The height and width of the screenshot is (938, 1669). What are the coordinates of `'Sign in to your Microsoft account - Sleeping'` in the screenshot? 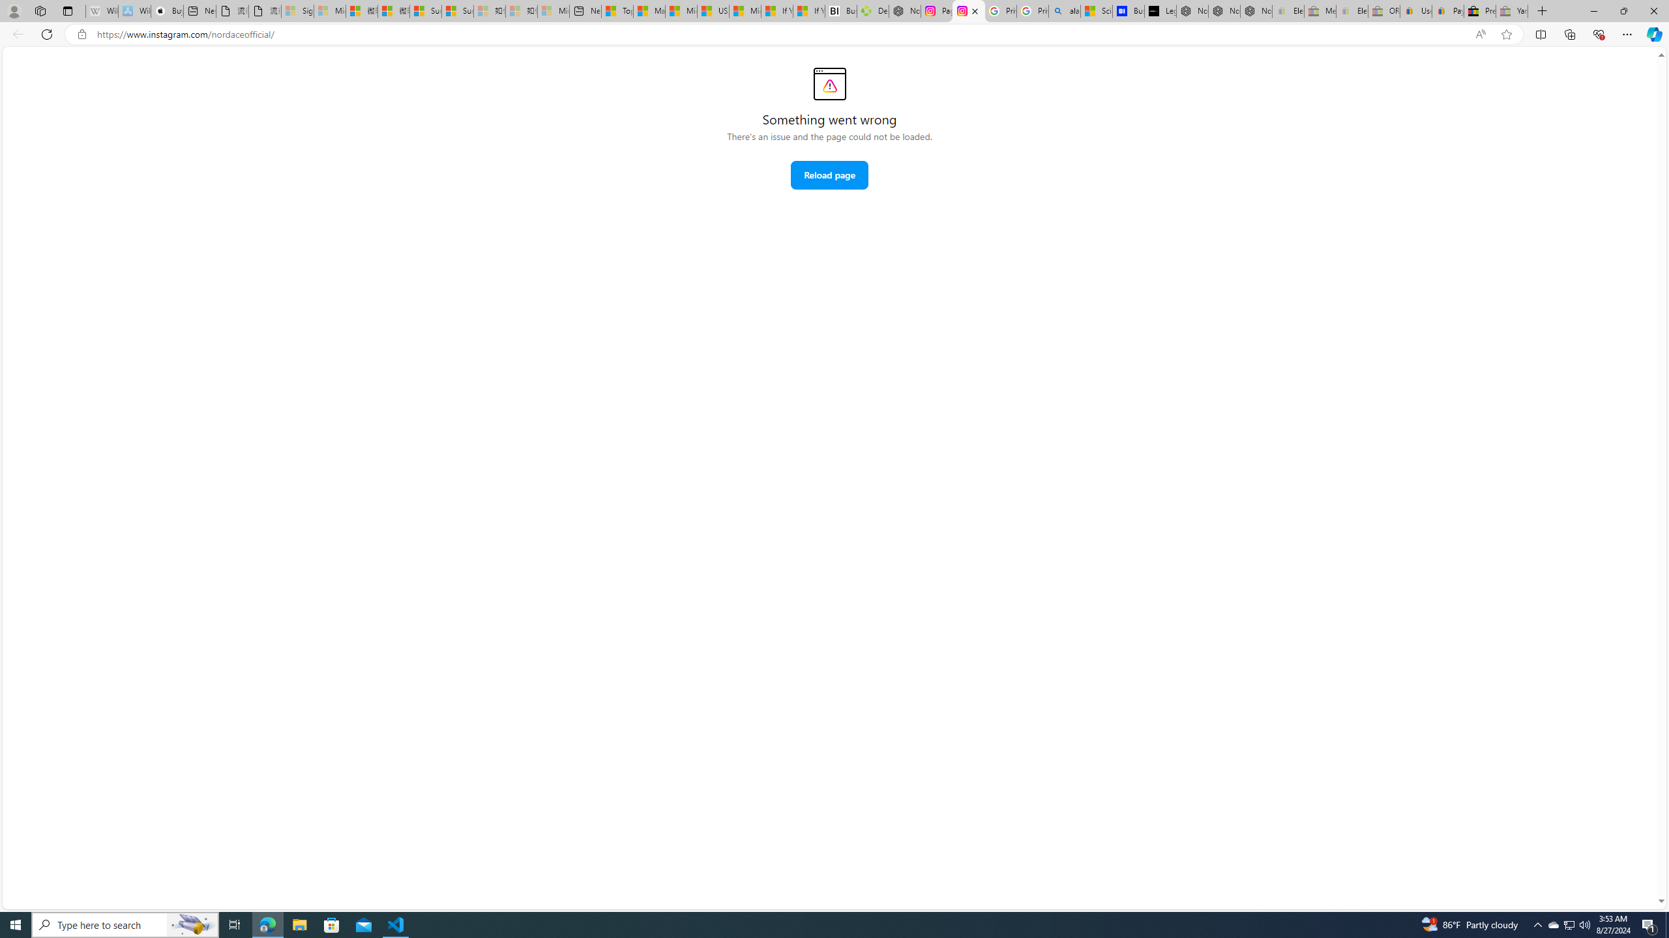 It's located at (296, 10).